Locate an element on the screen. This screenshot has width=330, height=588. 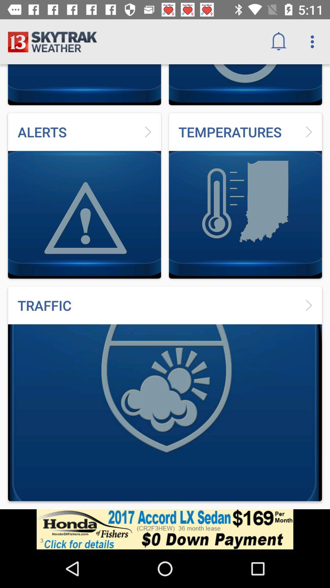
the button beside bell icon is located at coordinates (314, 42).